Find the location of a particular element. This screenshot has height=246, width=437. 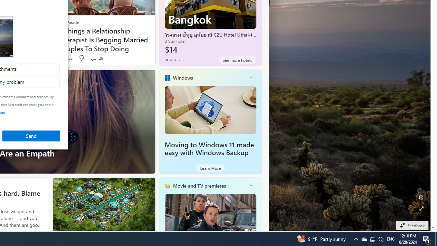

'View comments 29 Comment' is located at coordinates (96, 58).